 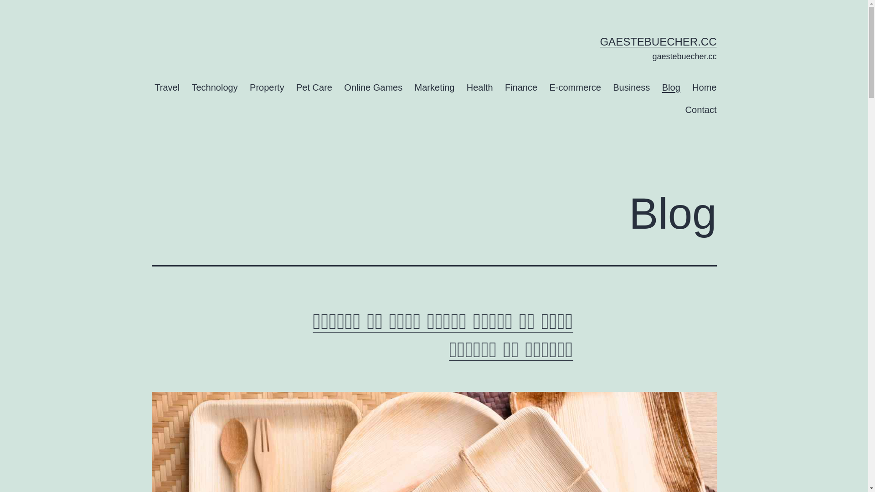 What do you see at coordinates (704, 87) in the screenshot?
I see `'Home'` at bounding box center [704, 87].